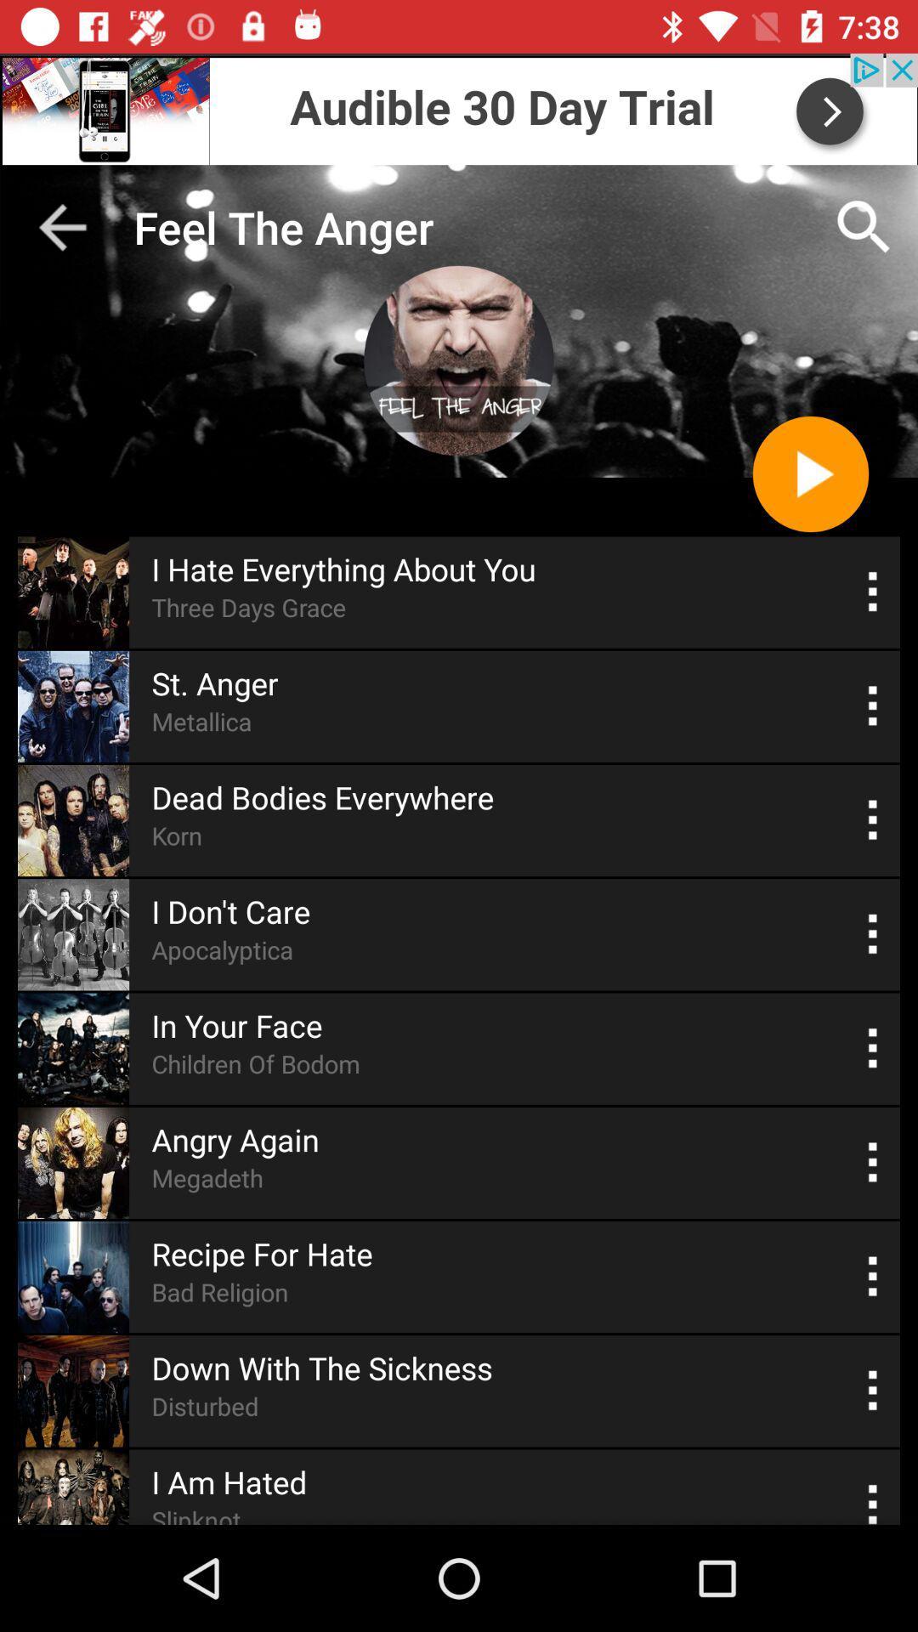 This screenshot has height=1632, width=918. What do you see at coordinates (873, 1162) in the screenshot?
I see `show more options for track` at bounding box center [873, 1162].